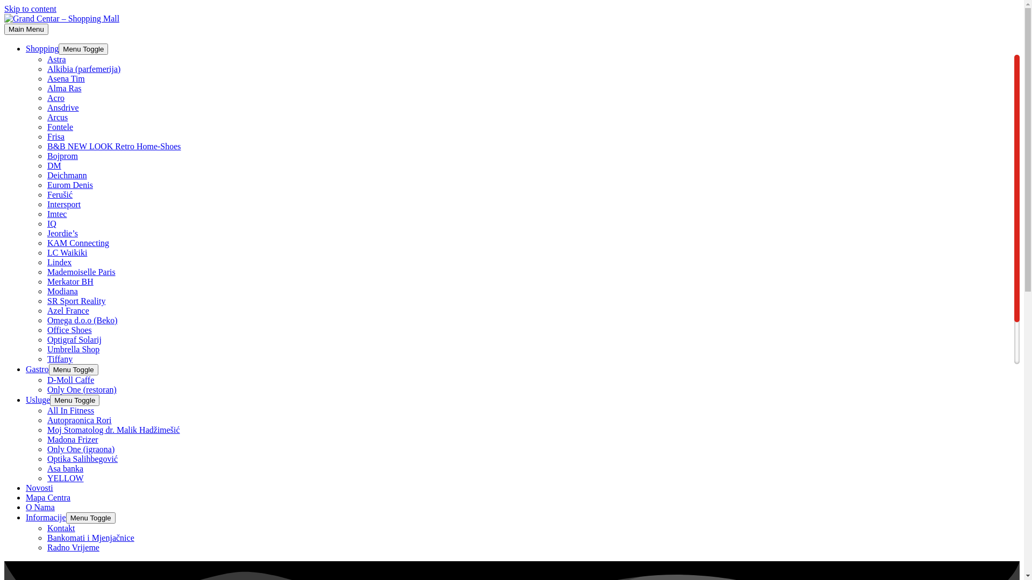 The image size is (1032, 580). What do you see at coordinates (46, 136) in the screenshot?
I see `'Frisa'` at bounding box center [46, 136].